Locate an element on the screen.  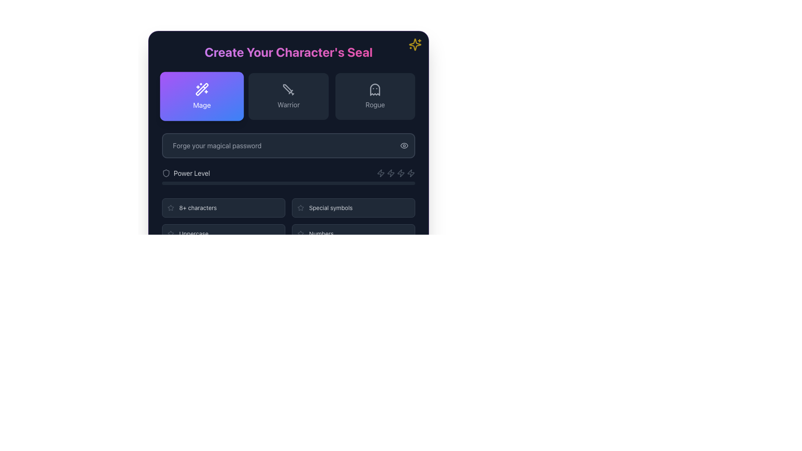
the lightning-shaped icon located at the bottom-right corner of the password input field, which represents a specific action or status related to the input above it is located at coordinates (411, 173).